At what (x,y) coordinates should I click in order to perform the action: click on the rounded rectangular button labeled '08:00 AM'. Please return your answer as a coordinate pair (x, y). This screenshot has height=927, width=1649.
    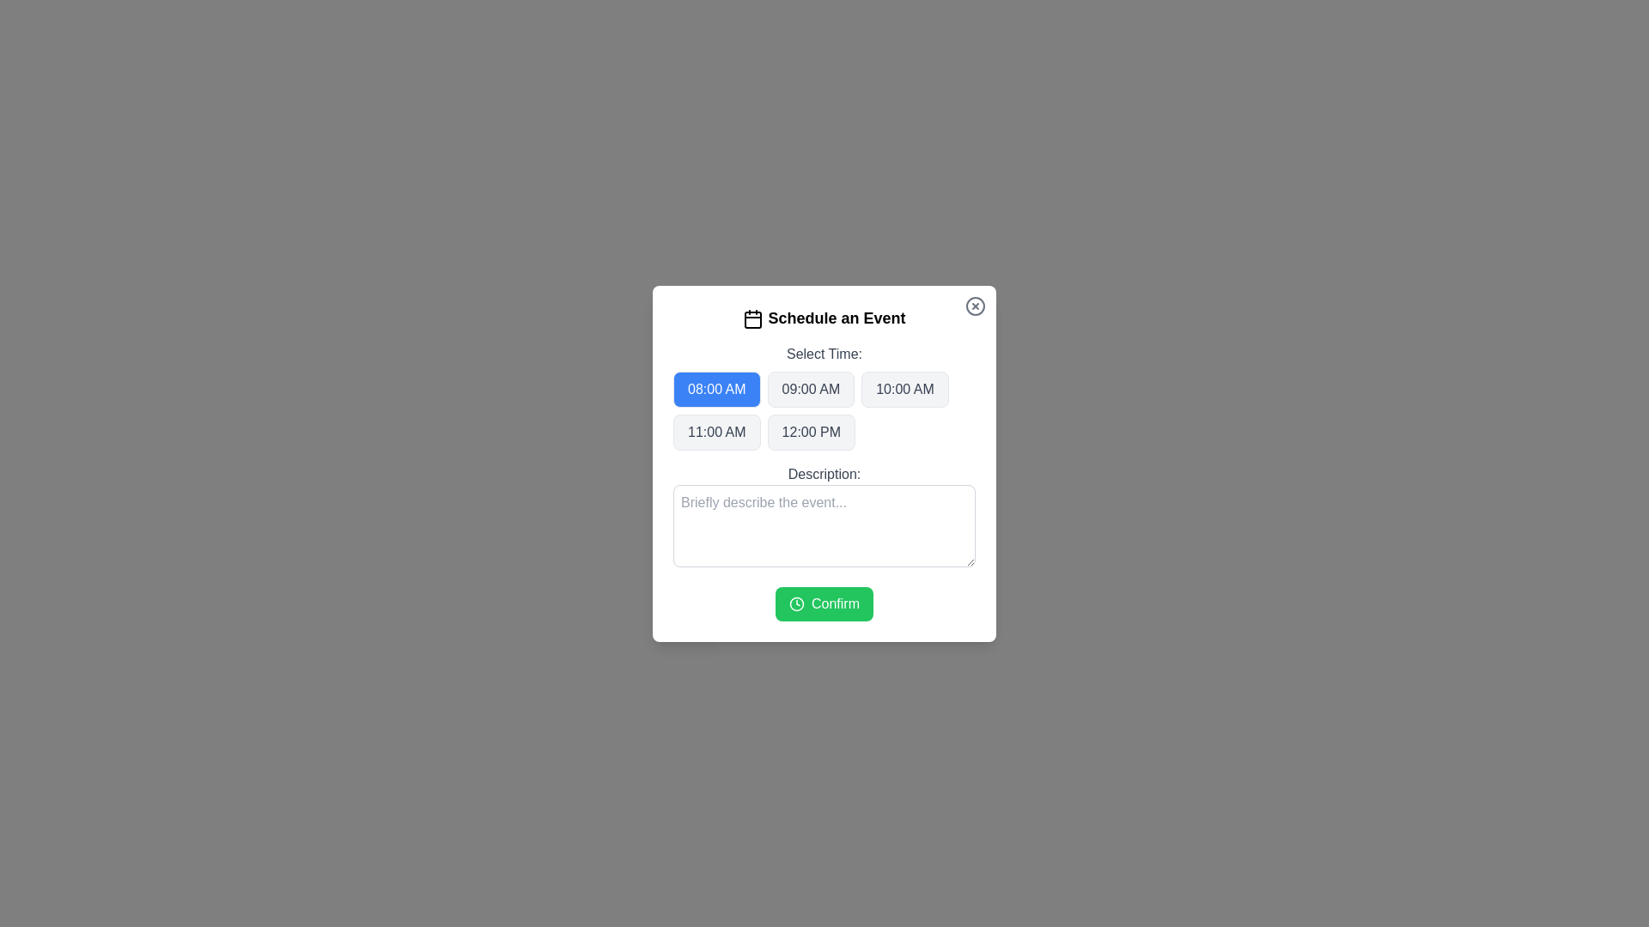
    Looking at the image, I should click on (716, 389).